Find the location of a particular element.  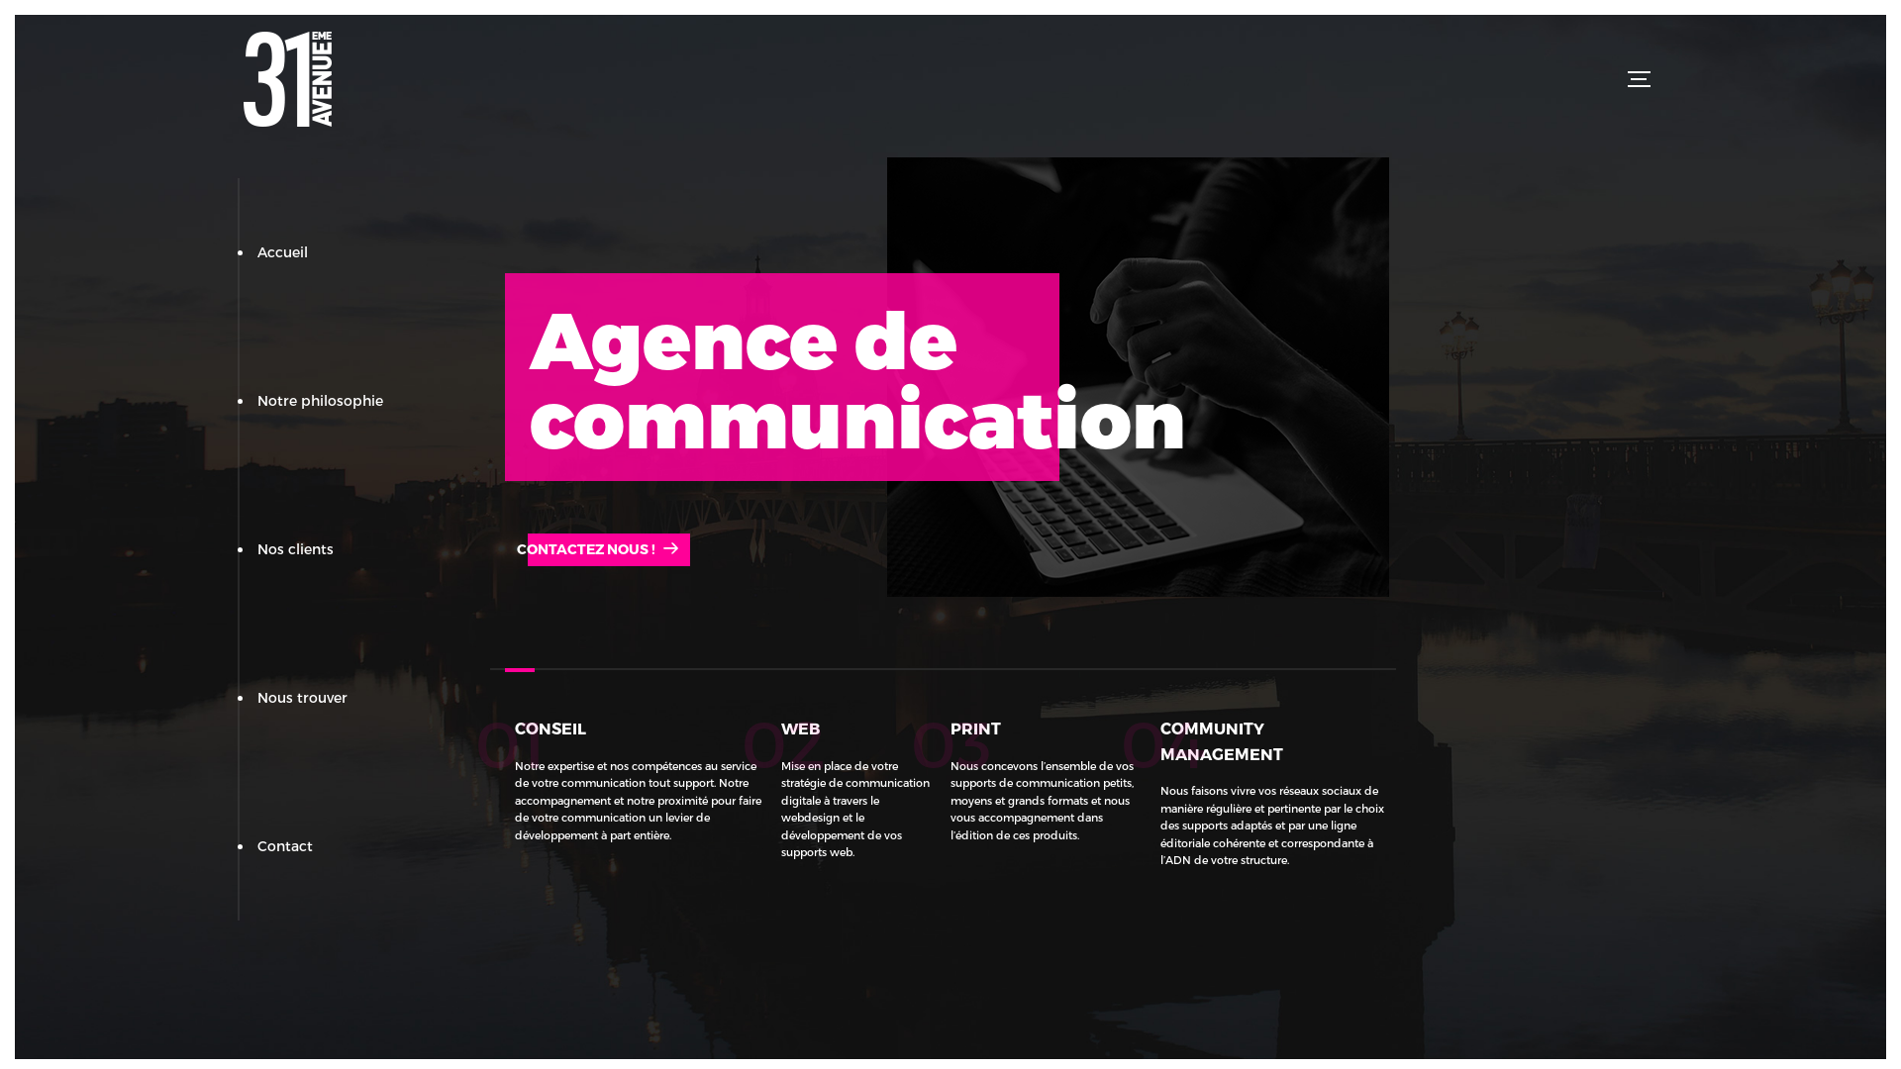

'CONTACTEZ NOUS !' is located at coordinates (504, 548).